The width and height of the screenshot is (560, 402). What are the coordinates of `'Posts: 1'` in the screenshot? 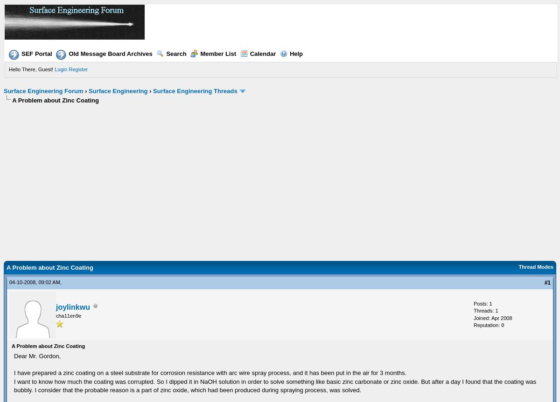 It's located at (483, 302).